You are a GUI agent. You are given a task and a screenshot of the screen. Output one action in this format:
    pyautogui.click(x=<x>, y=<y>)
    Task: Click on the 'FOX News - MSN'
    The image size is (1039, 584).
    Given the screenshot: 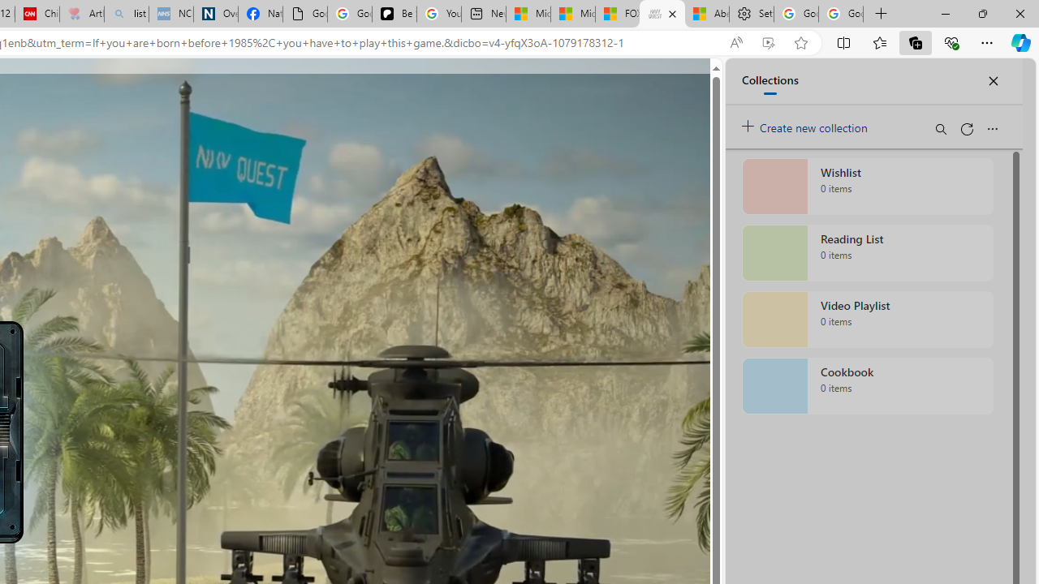 What is the action you would take?
    pyautogui.click(x=616, y=14)
    